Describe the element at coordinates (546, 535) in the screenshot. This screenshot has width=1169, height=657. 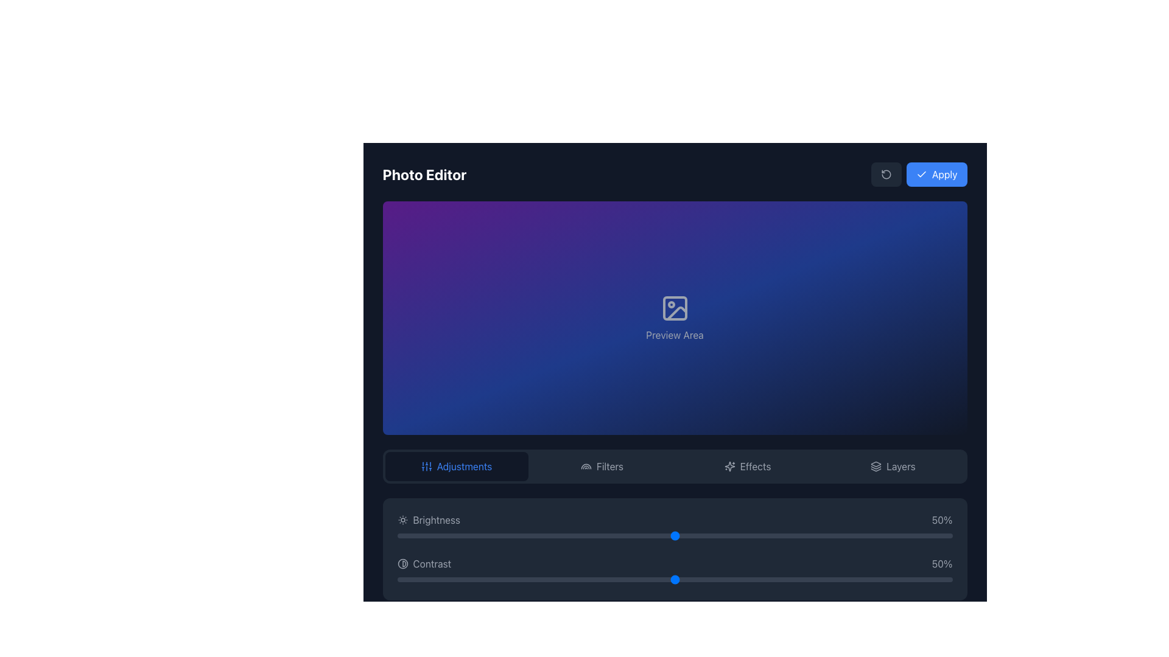
I see `the slider value` at that location.